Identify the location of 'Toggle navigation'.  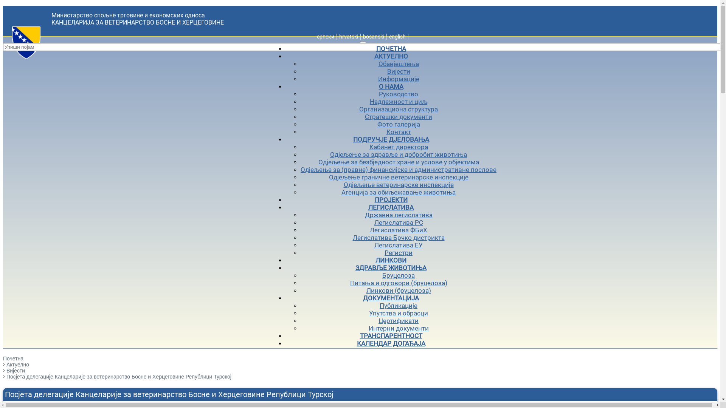
(363, 42).